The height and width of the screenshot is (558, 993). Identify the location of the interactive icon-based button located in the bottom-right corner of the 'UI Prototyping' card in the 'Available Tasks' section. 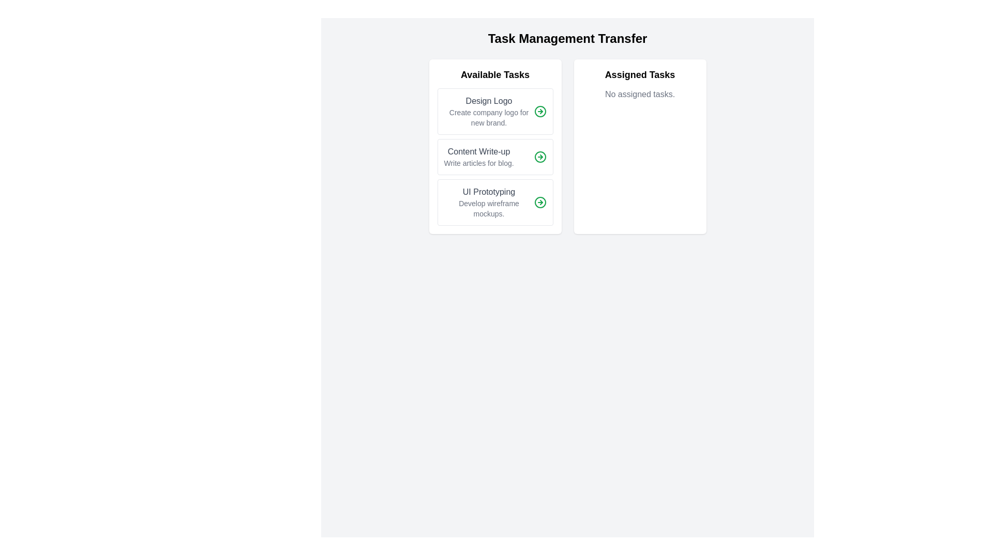
(539, 203).